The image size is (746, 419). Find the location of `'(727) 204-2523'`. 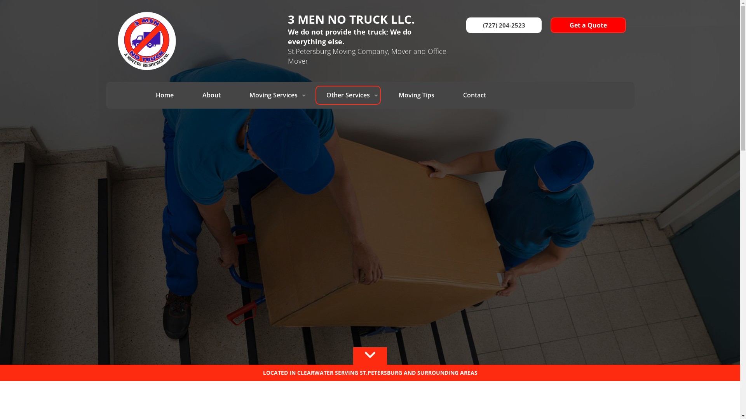

'(727) 204-2523' is located at coordinates (504, 25).